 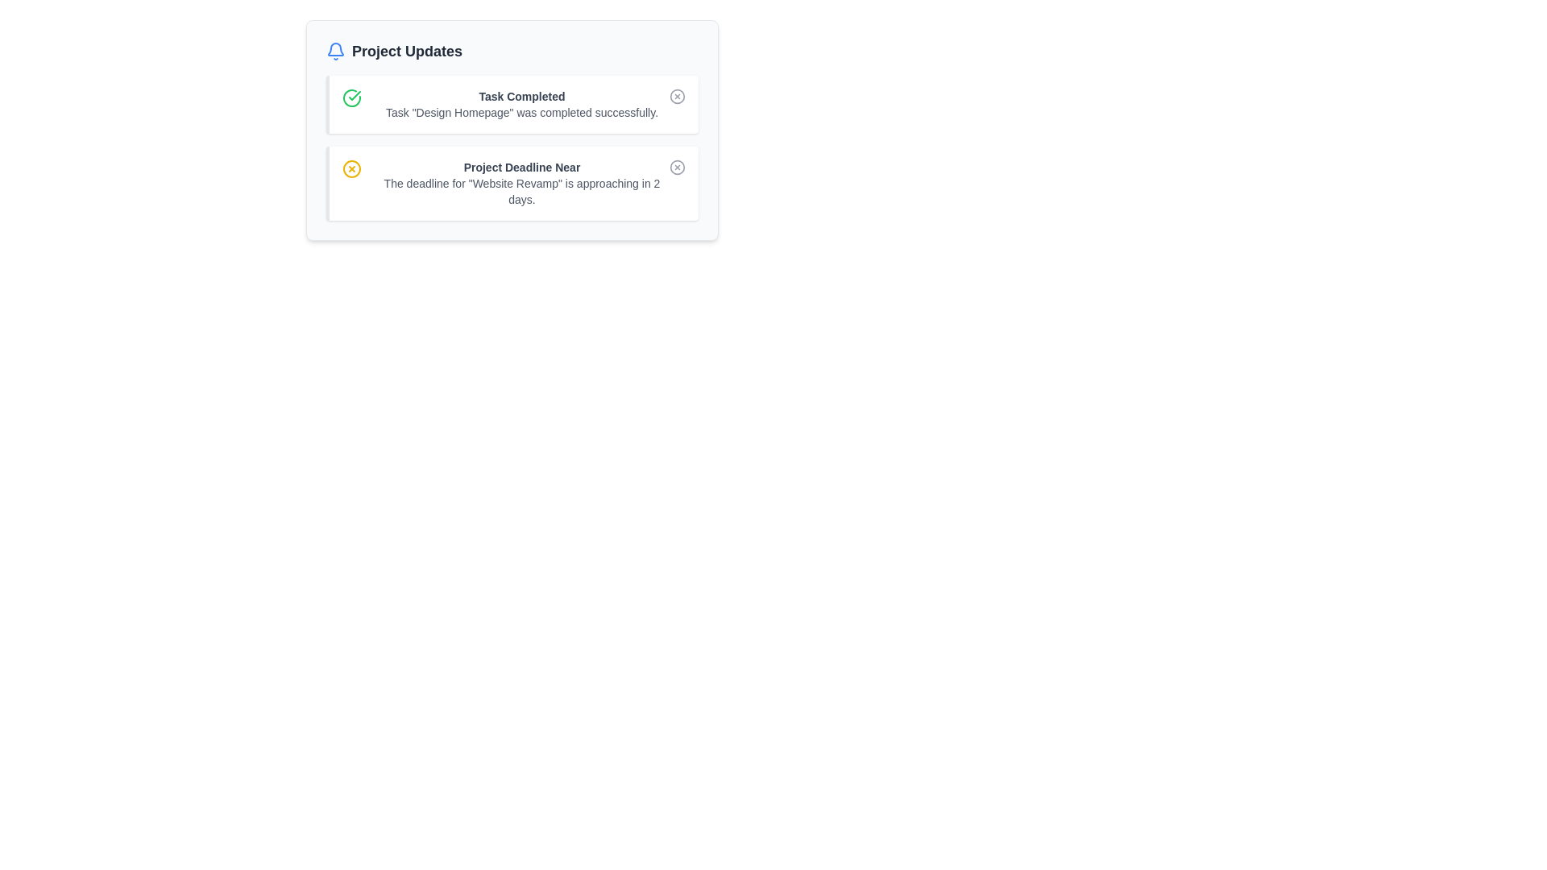 I want to click on the small circular icon with an 'X' inside, styled with a yellow outline, located beside the headline 'Project Deadline Near', so click(x=358, y=168).